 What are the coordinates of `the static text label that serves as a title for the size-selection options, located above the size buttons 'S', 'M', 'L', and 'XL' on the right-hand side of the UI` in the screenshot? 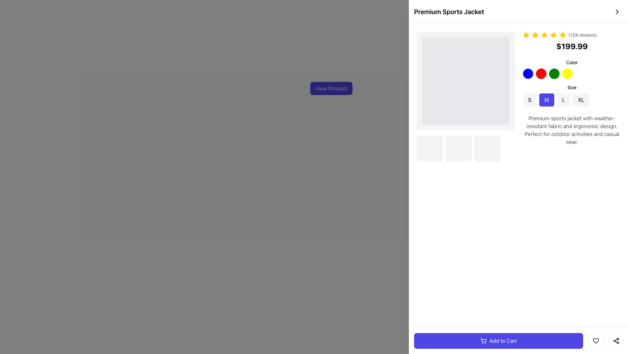 It's located at (572, 87).